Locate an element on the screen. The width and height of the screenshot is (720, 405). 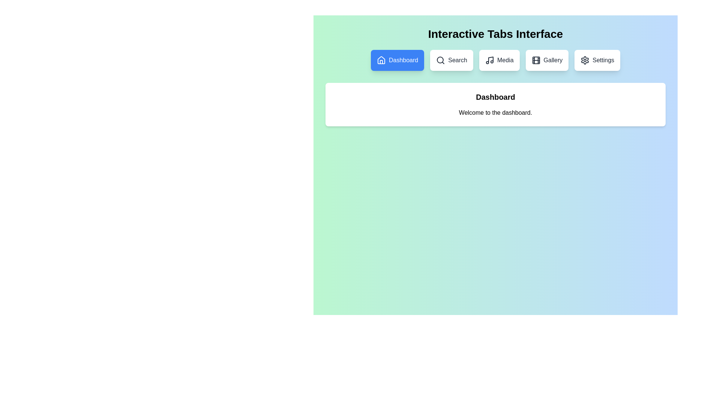
static text label displaying 'Search' located in the second button of the navigation bar, which is part of an interactive card with rounded edges is located at coordinates (457, 60).